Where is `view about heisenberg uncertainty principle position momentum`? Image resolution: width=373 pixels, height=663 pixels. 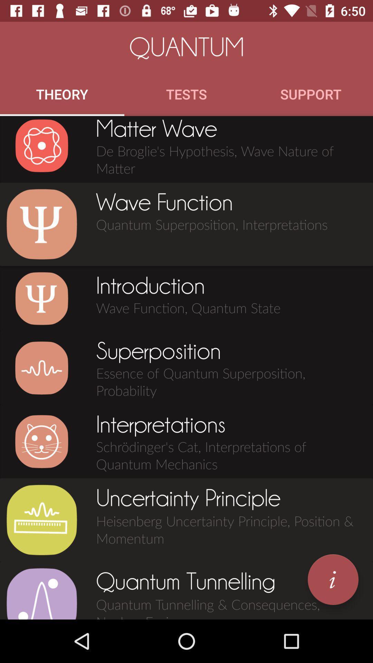 view about heisenberg uncertainty principle position momentum is located at coordinates (41, 520).